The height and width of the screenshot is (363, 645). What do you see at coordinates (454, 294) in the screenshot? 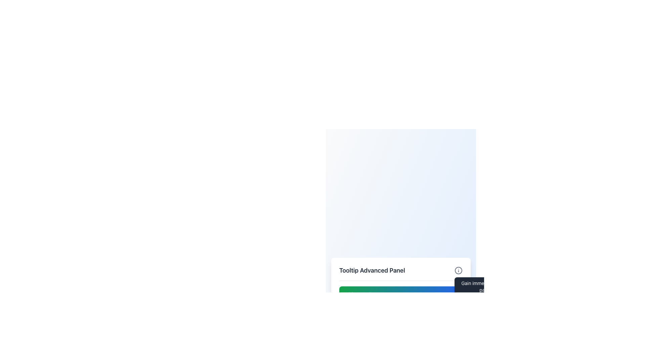
I see `the small downward-pointing chevron icon located on the right edge of the 'Hide Details' button` at bounding box center [454, 294].